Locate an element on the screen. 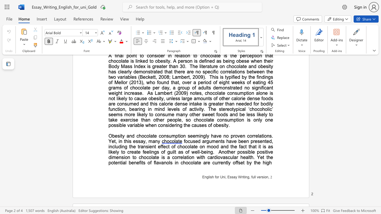 Image resolution: width=381 pixels, height=214 pixels. the subset text "ssay, ma" within the text "no proven correlations. Yet, in this essay, many" is located at coordinates (135, 141).